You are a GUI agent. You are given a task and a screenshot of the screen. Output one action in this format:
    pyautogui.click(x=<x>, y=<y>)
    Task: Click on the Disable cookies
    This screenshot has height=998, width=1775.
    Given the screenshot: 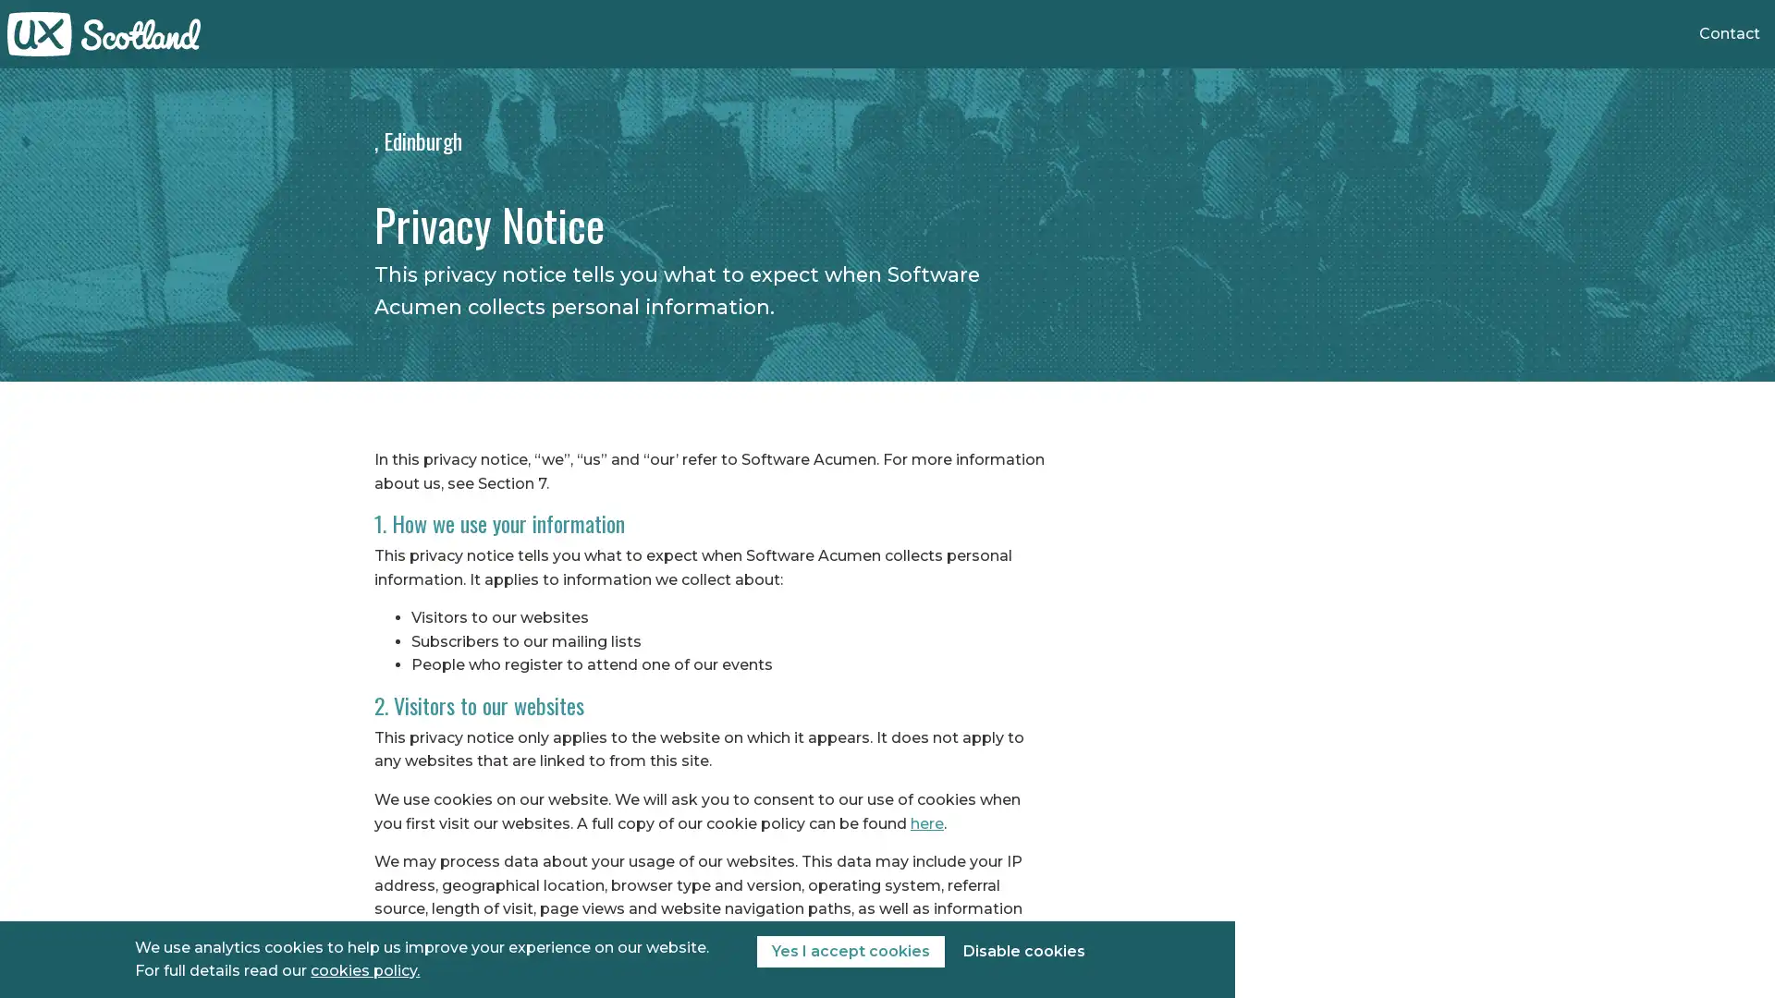 What is the action you would take?
    pyautogui.click(x=1022, y=951)
    